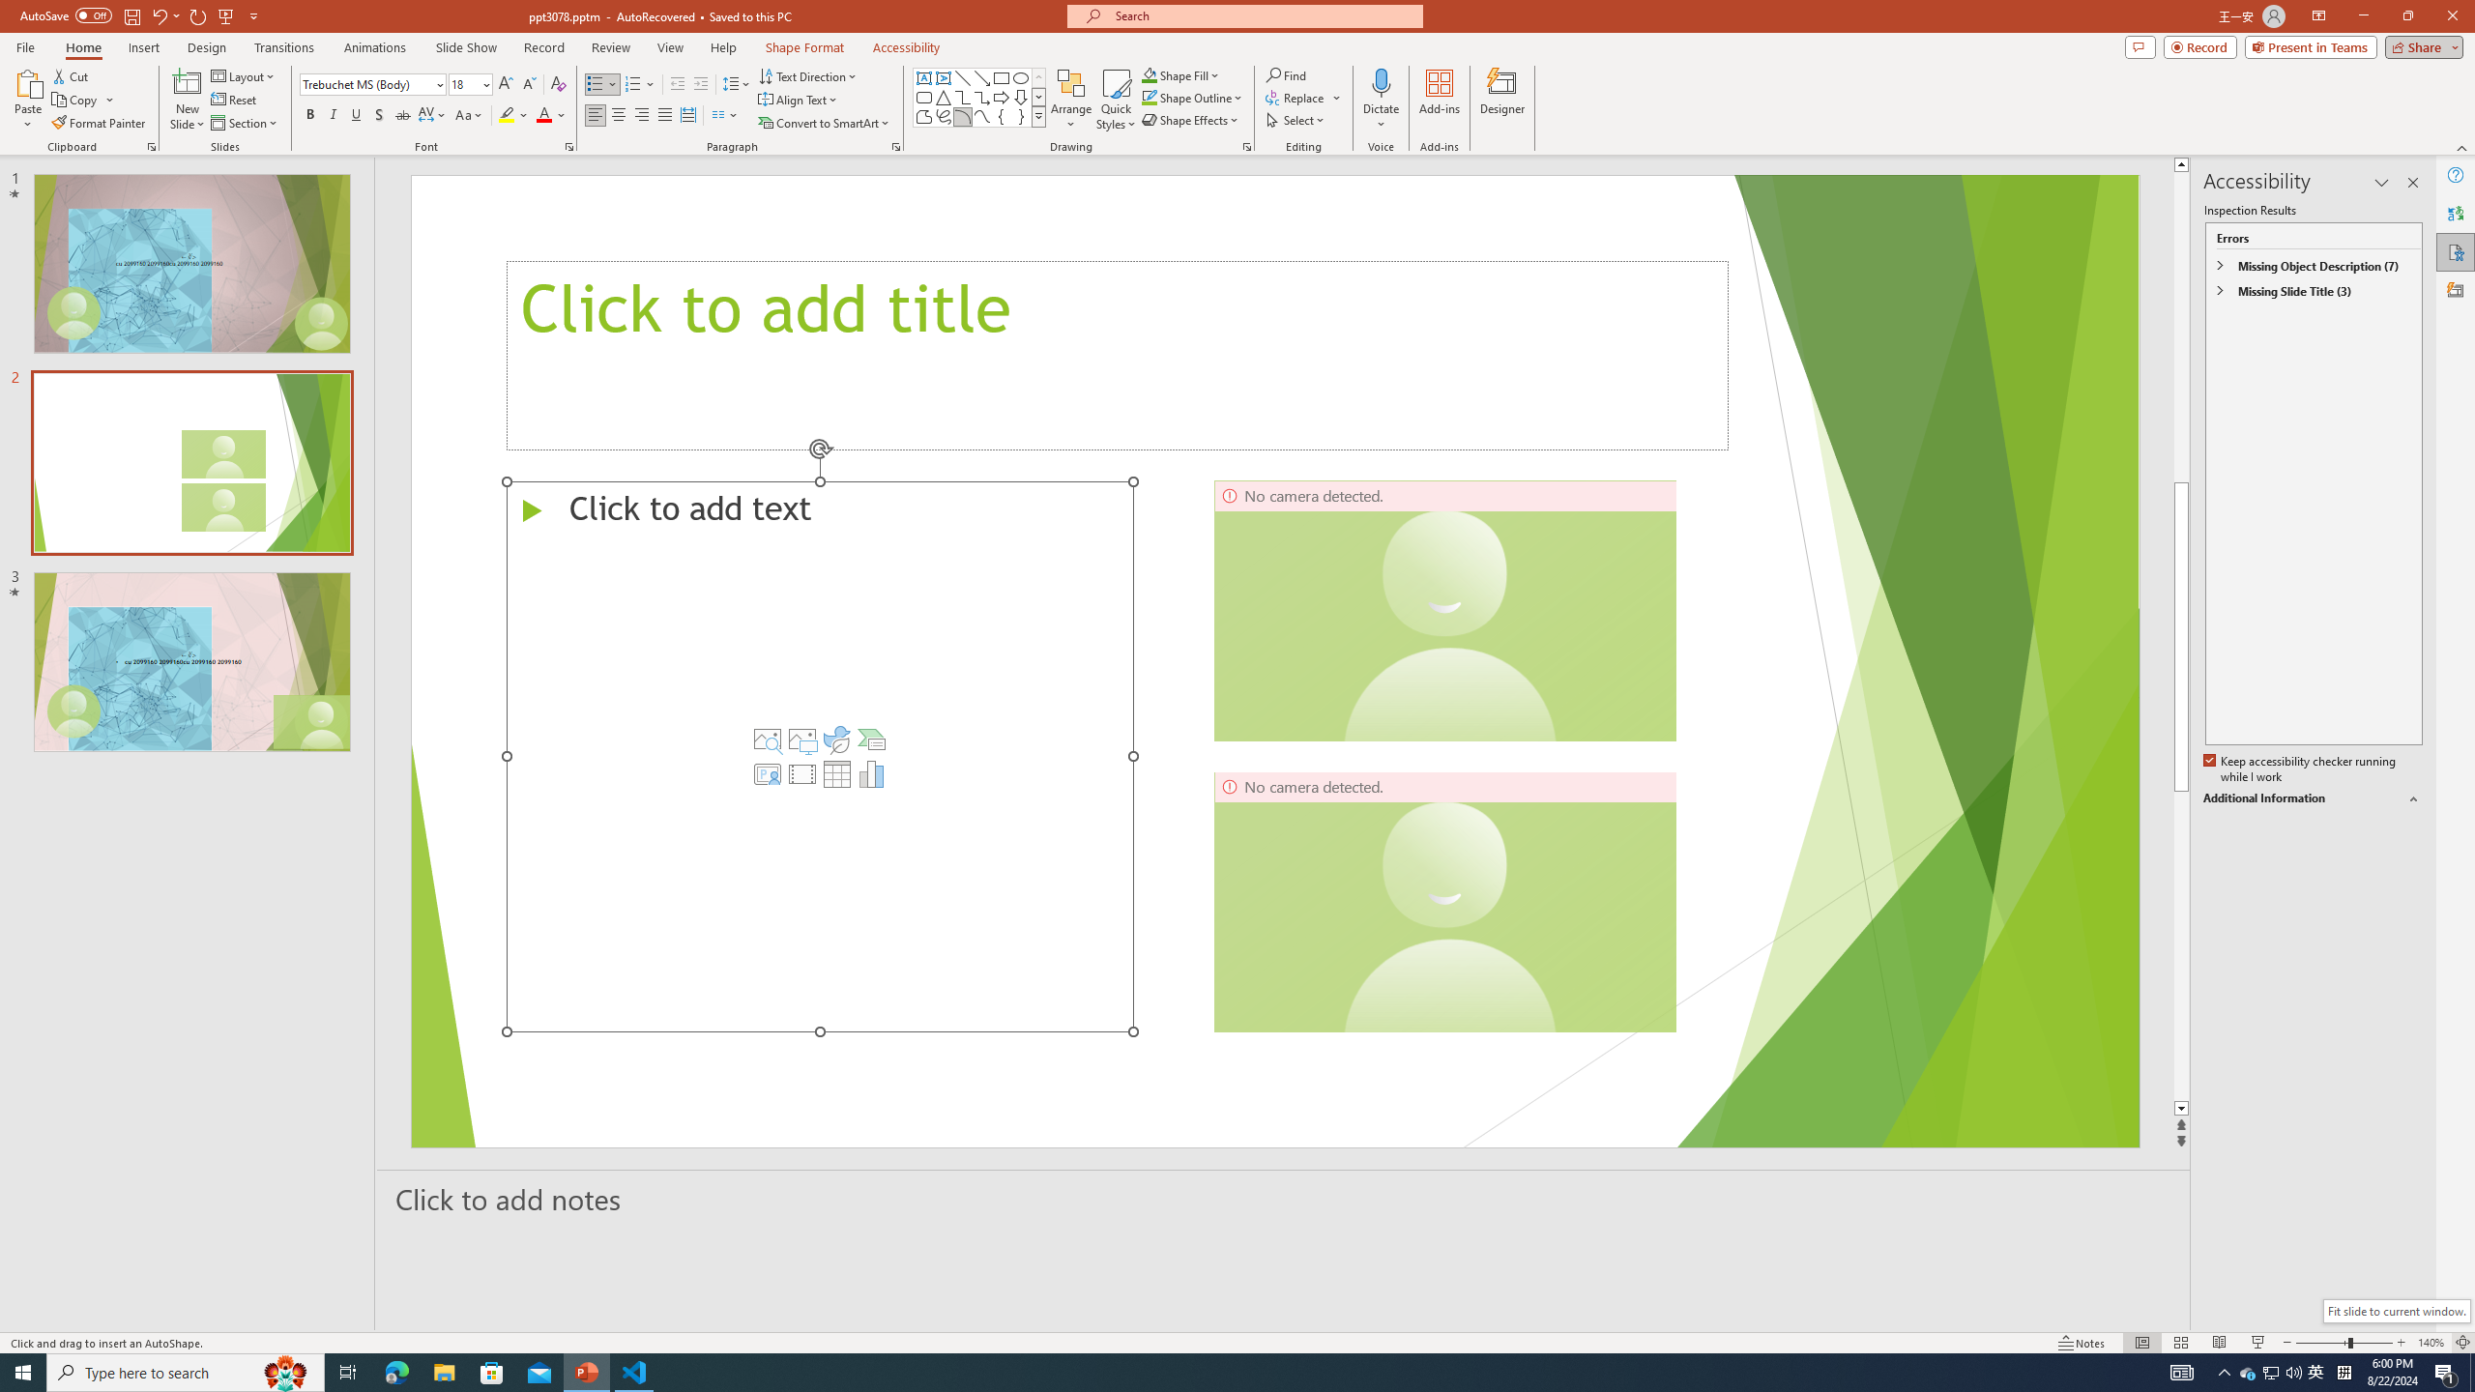  Describe the element at coordinates (1150, 96) in the screenshot. I see `'Shape Outline Green, Accent 1'` at that location.